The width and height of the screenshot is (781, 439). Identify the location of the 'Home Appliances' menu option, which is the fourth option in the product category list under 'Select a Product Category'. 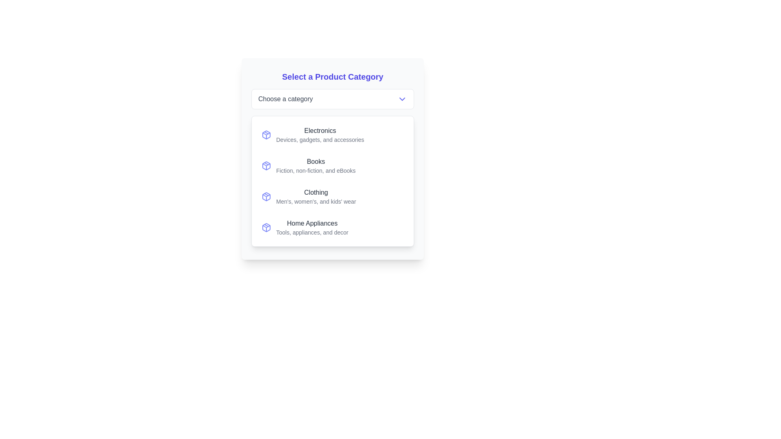
(312, 227).